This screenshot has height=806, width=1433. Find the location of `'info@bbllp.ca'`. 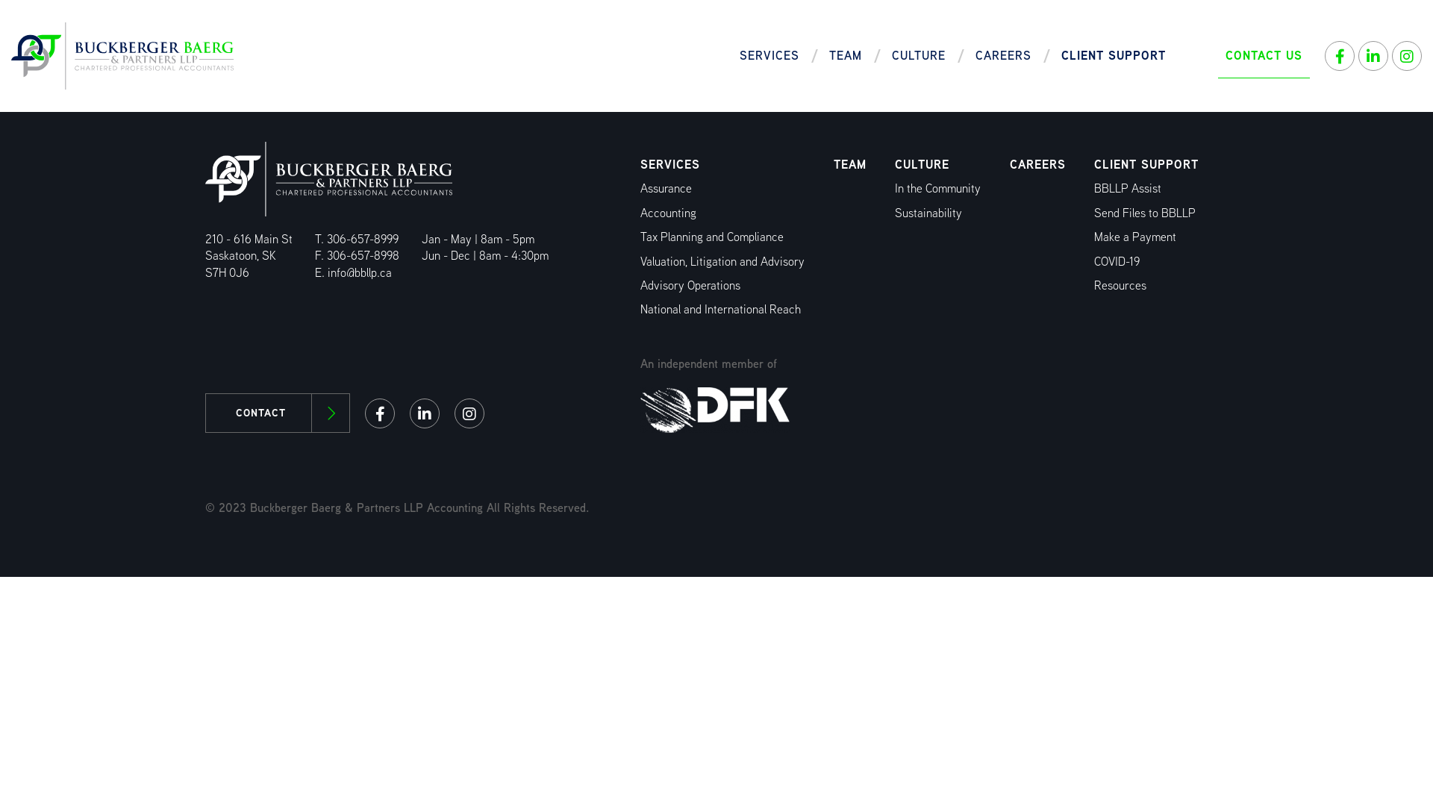

'info@bbllp.ca' is located at coordinates (359, 272).